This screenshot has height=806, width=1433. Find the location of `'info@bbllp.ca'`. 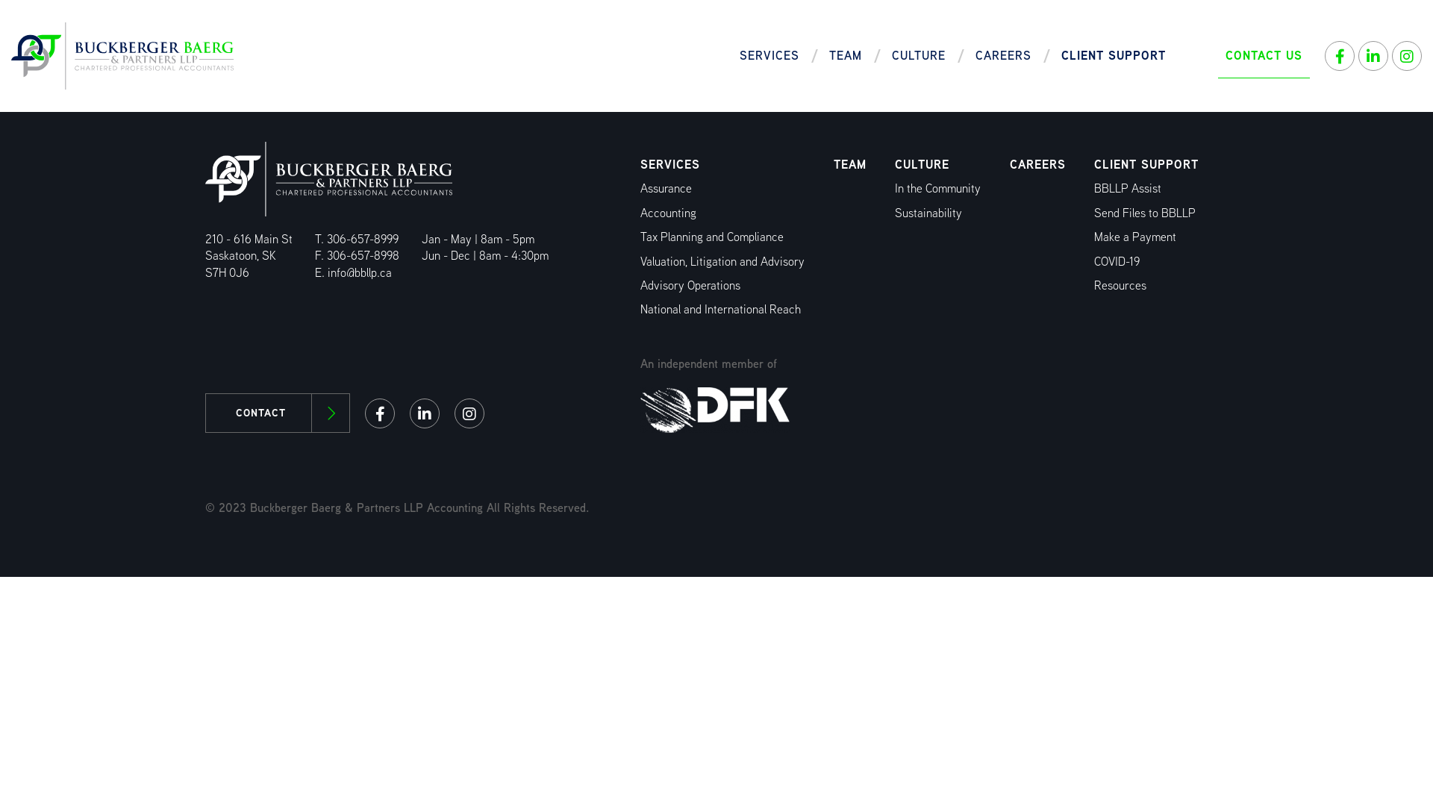

'info@bbllp.ca' is located at coordinates (359, 272).